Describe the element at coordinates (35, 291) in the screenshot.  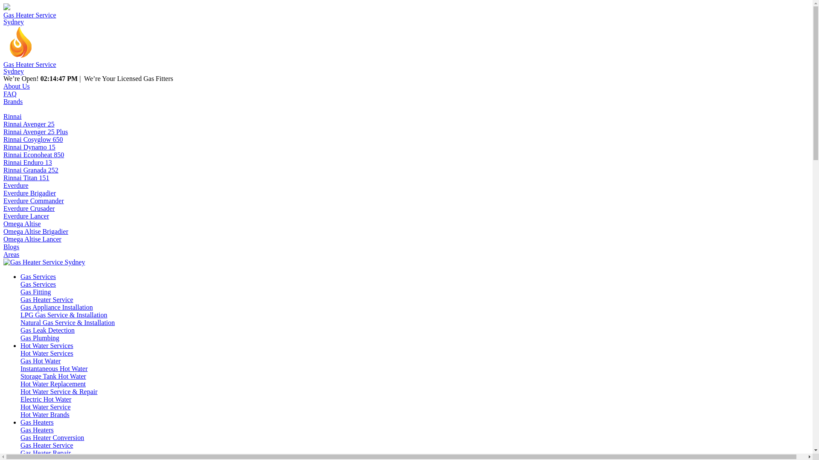
I see `'Gas Fitting'` at that location.